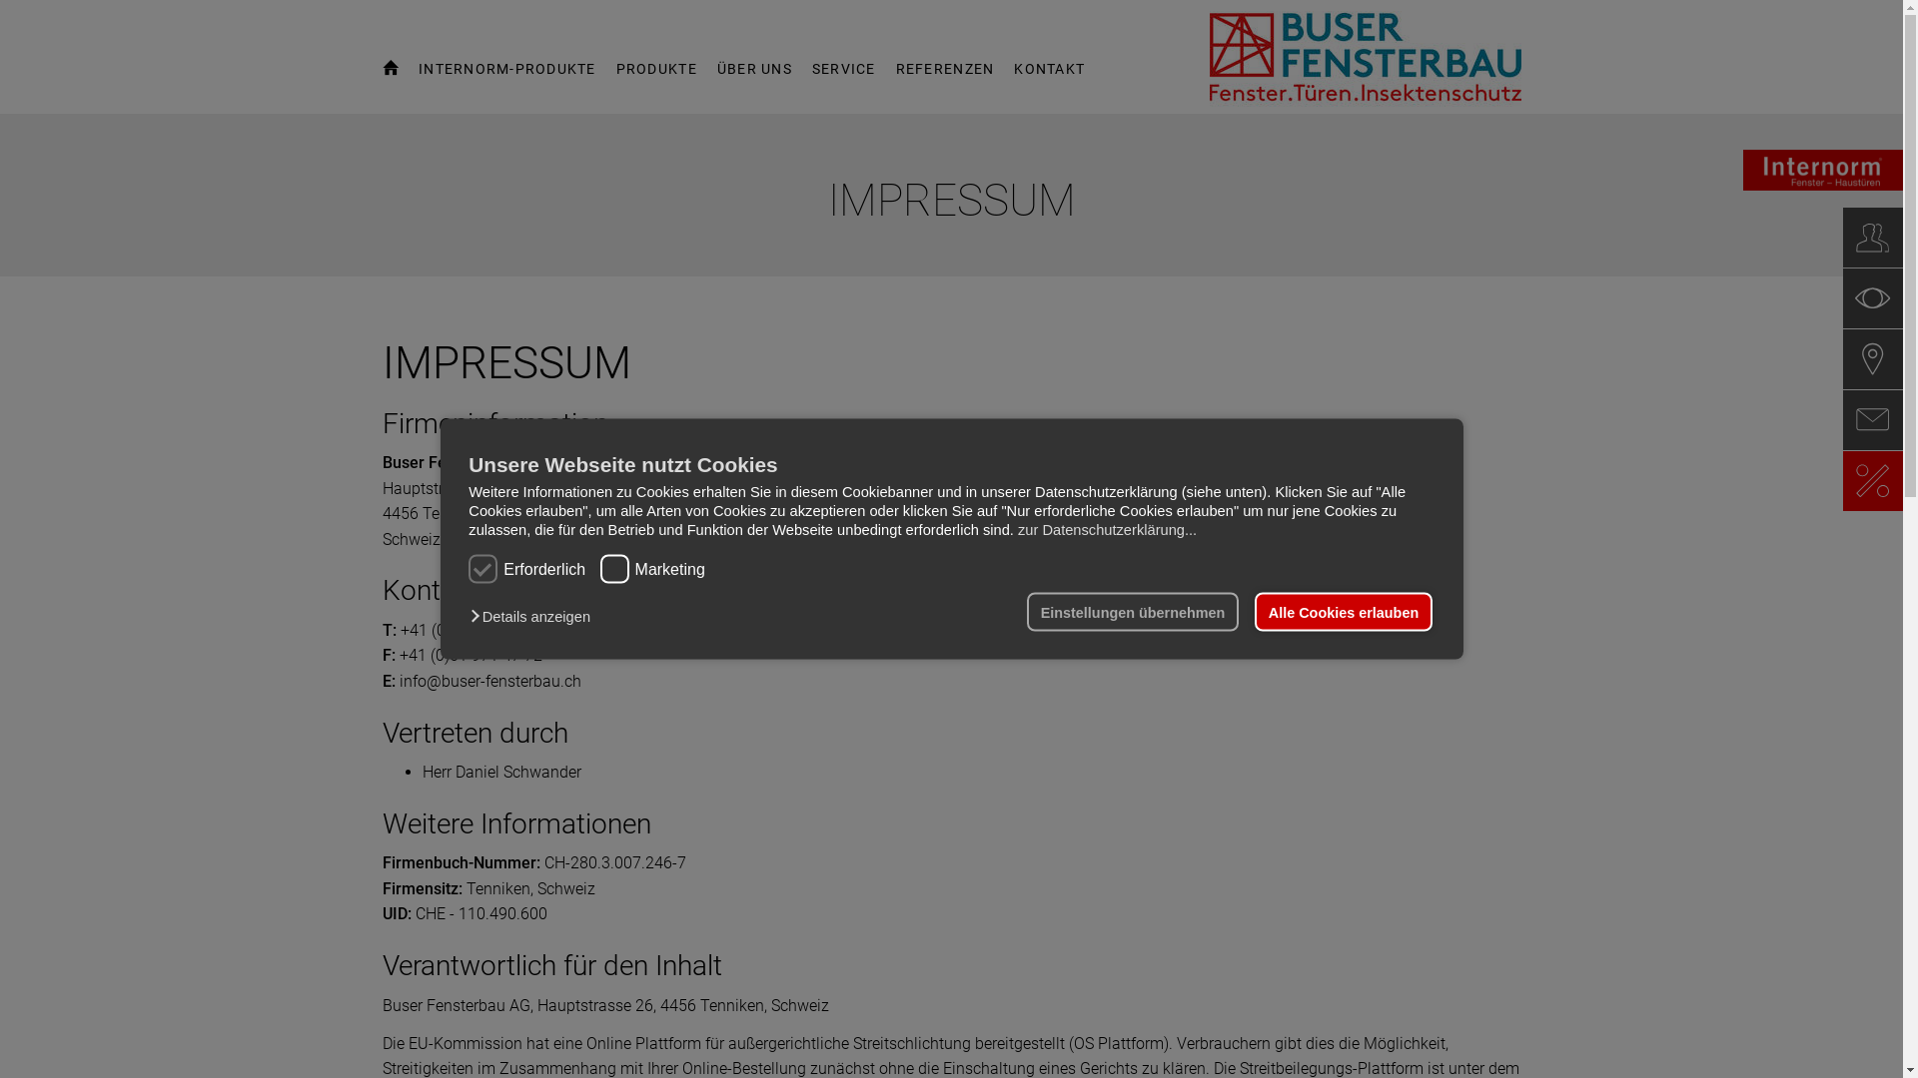 The width and height of the screenshot is (1918, 1078). What do you see at coordinates (656, 77) in the screenshot?
I see `'PRODUKTE'` at bounding box center [656, 77].